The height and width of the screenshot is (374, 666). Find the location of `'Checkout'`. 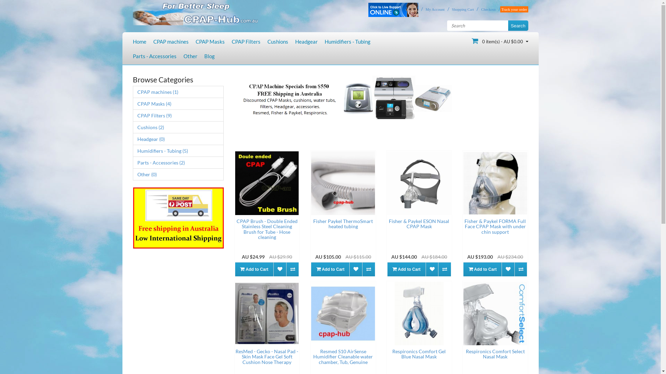

'Checkout' is located at coordinates (486, 9).